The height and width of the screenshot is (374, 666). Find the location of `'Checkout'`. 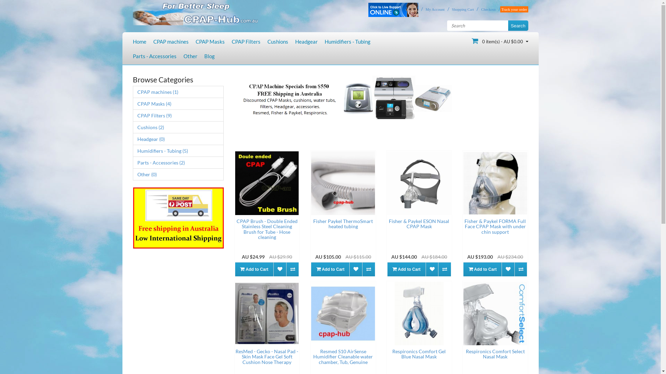

'Checkout' is located at coordinates (486, 9).